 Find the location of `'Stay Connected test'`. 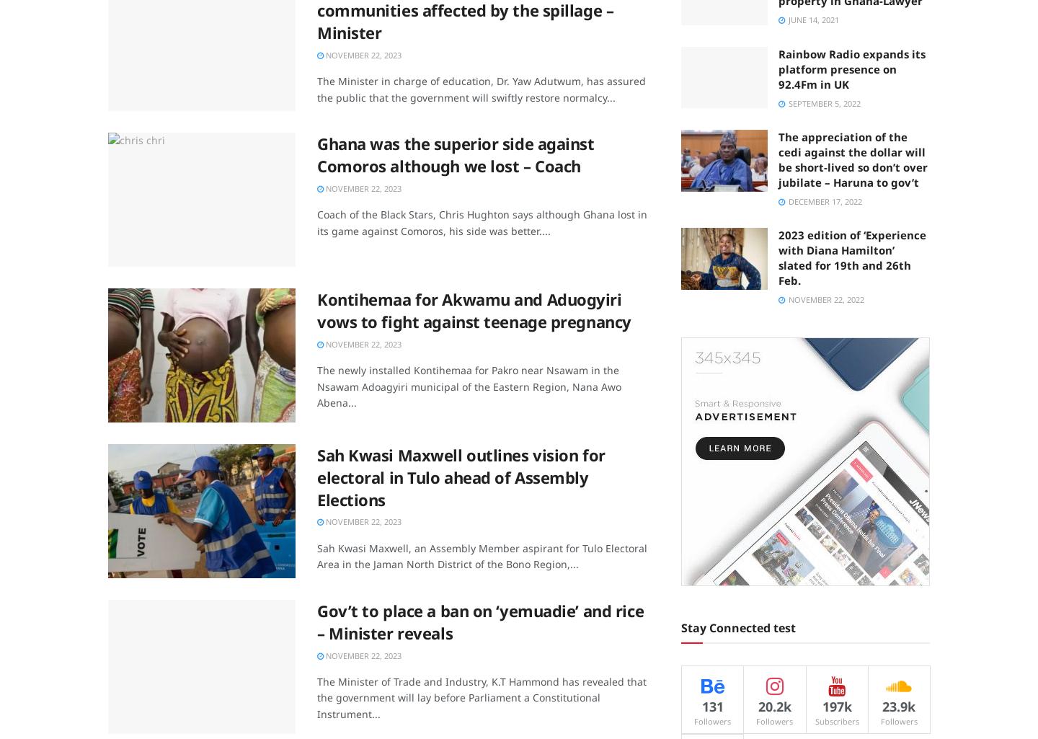

'Stay Connected test' is located at coordinates (738, 627).